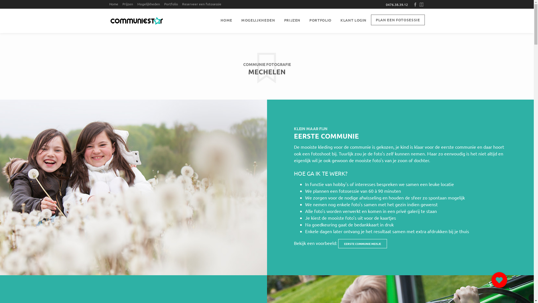  What do you see at coordinates (164, 4) in the screenshot?
I see `'Portfolio'` at bounding box center [164, 4].